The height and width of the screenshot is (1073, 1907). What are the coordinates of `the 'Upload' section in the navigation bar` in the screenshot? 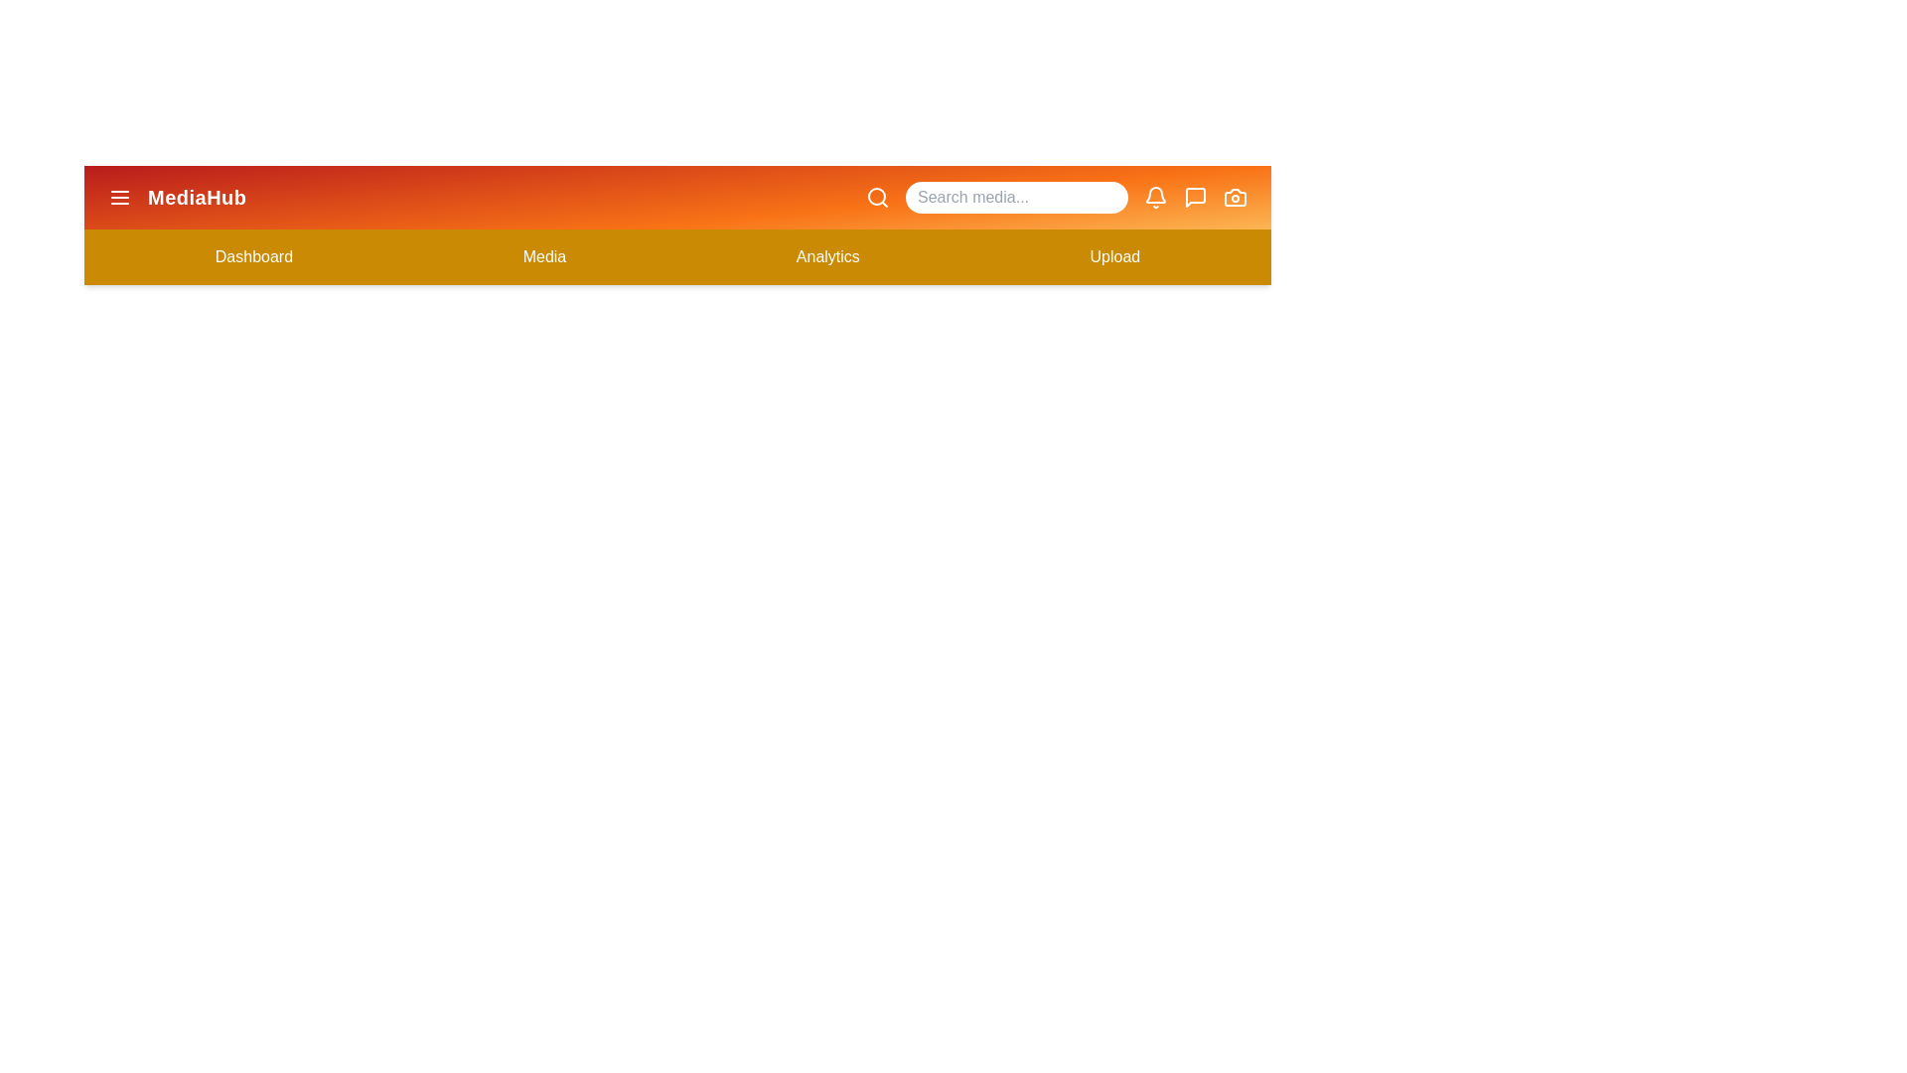 It's located at (1114, 255).